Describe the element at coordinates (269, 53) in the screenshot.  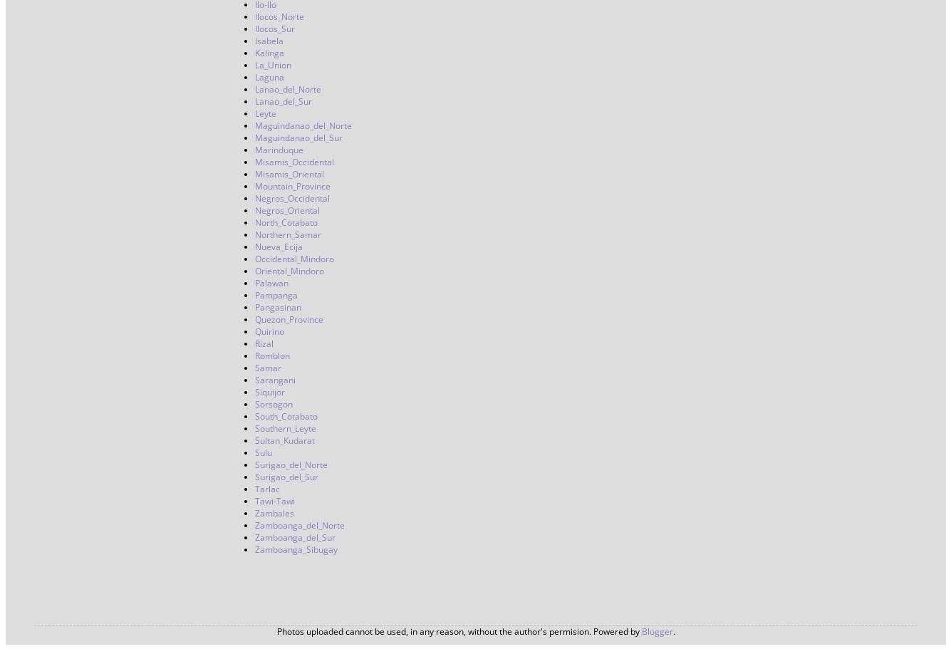
I see `'Kalinga'` at that location.